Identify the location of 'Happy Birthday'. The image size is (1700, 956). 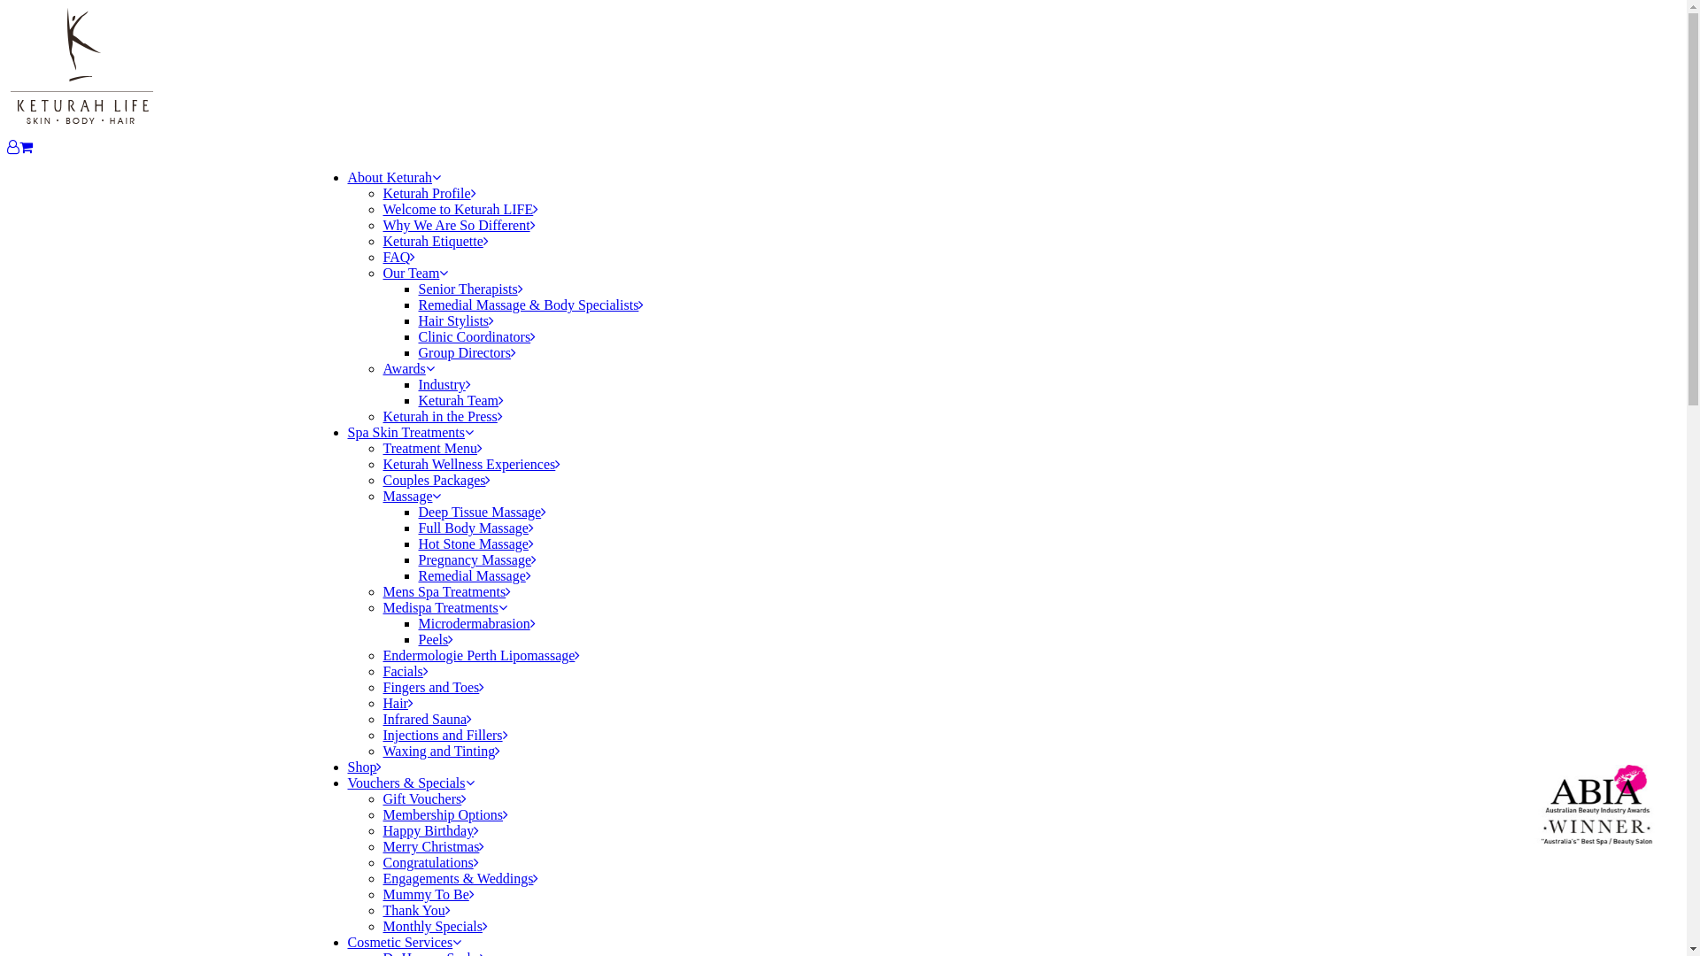
(382, 830).